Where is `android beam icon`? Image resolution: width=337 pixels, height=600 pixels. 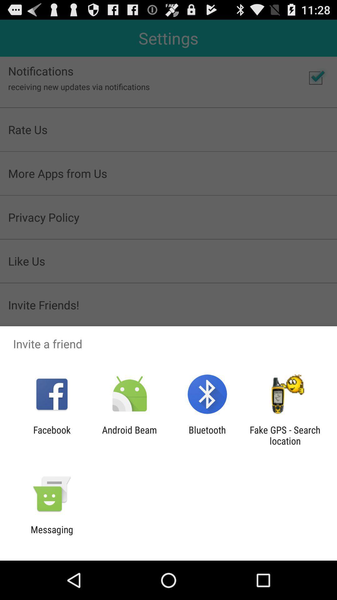 android beam icon is located at coordinates (129, 435).